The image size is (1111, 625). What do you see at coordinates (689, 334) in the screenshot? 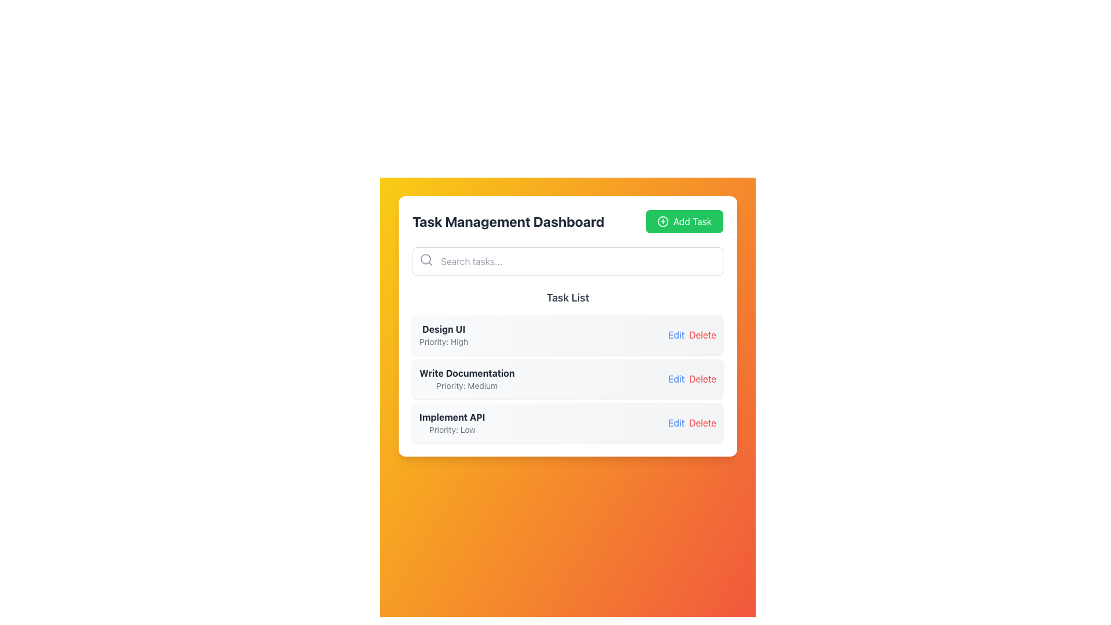
I see `the 'Delete' link on the dual interactive link element associated with the 'Design UI' task` at bounding box center [689, 334].